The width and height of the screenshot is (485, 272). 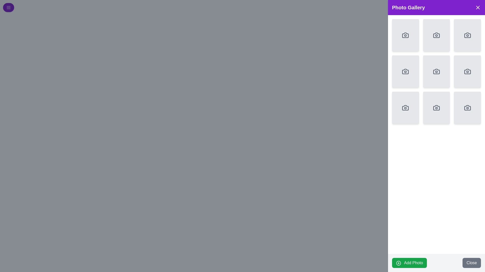 I want to click on the decorative icon within the 'Add Photo' button, located at the leftmost part of the button's content, so click(x=398, y=263).